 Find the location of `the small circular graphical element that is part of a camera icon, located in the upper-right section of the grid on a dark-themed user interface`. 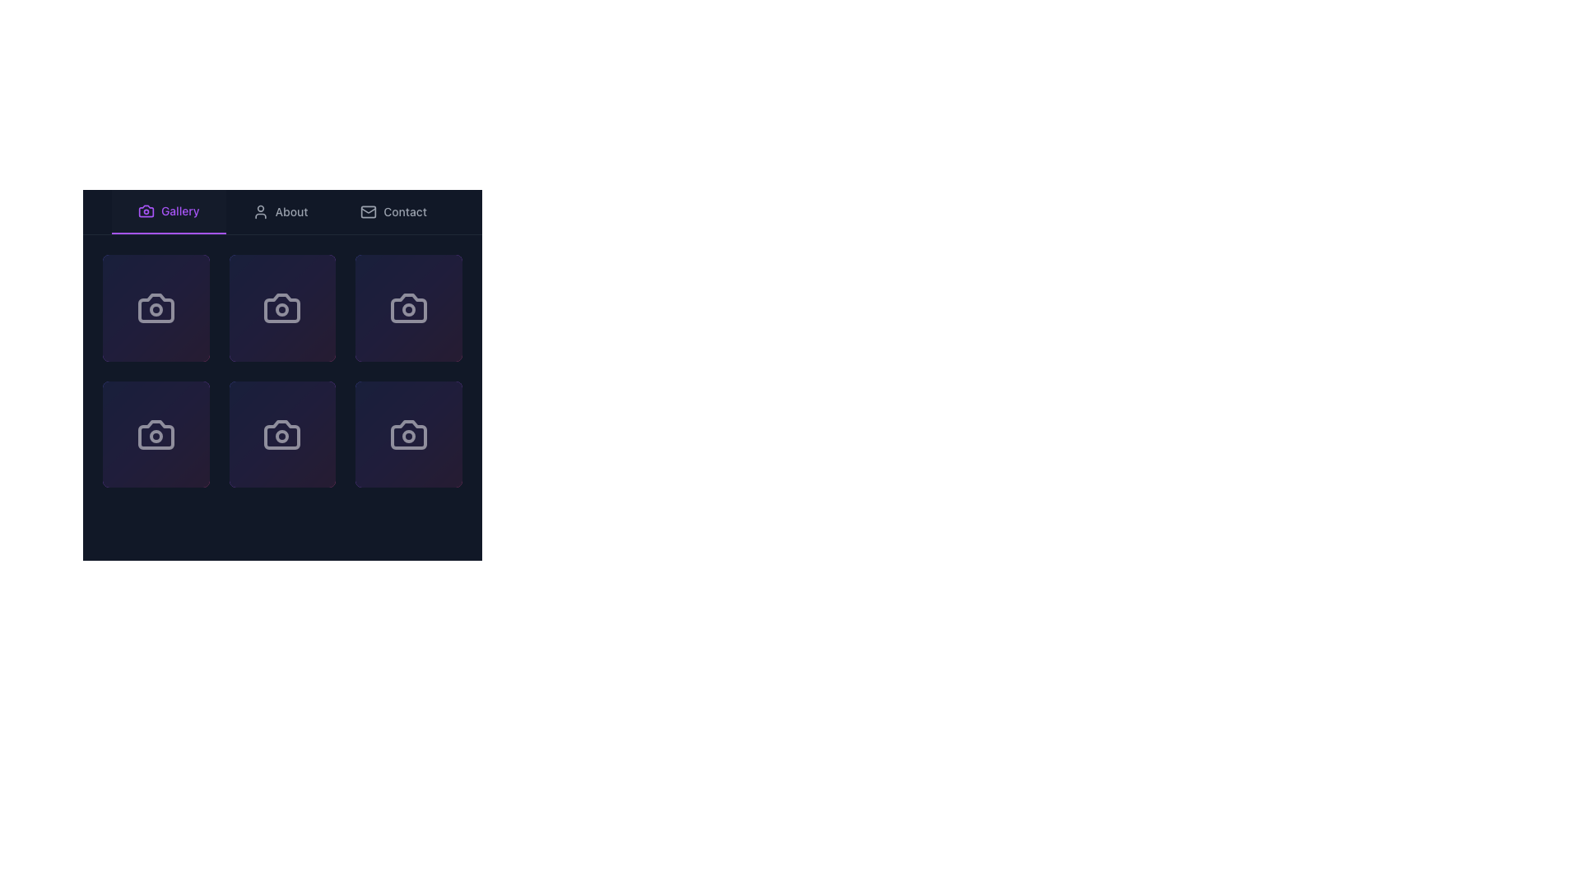

the small circular graphical element that is part of a camera icon, located in the upper-right section of the grid on a dark-themed user interface is located at coordinates (409, 309).